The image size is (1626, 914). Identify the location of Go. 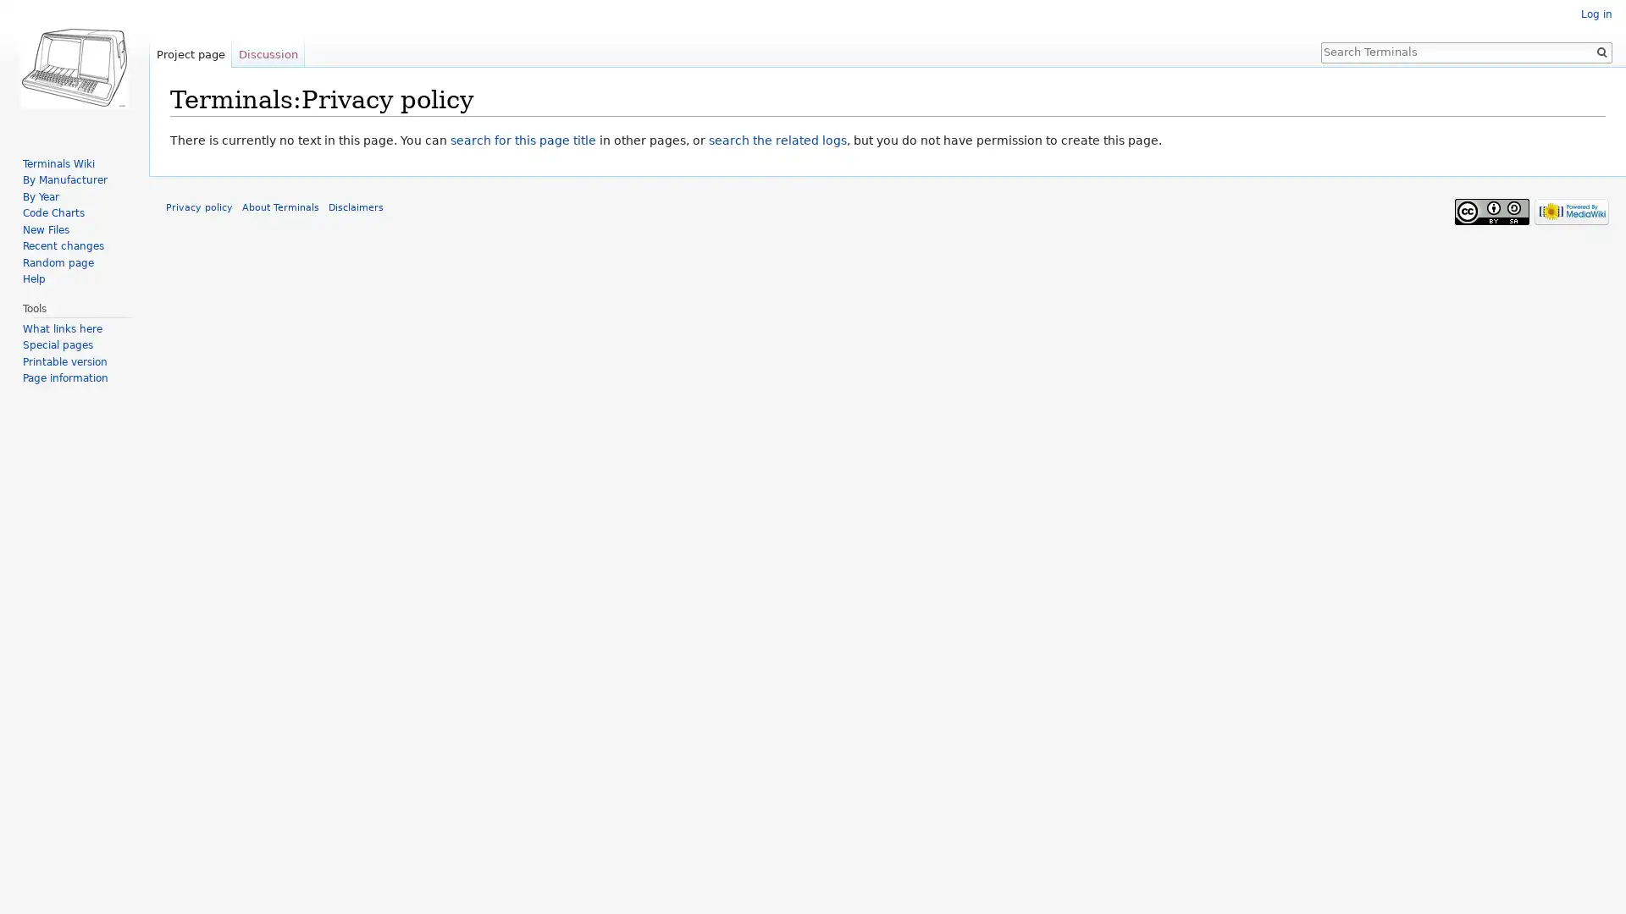
(1601, 51).